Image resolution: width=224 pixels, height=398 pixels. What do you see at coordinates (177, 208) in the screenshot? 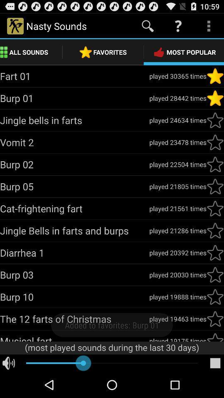
I see `the played 21561 times` at bounding box center [177, 208].